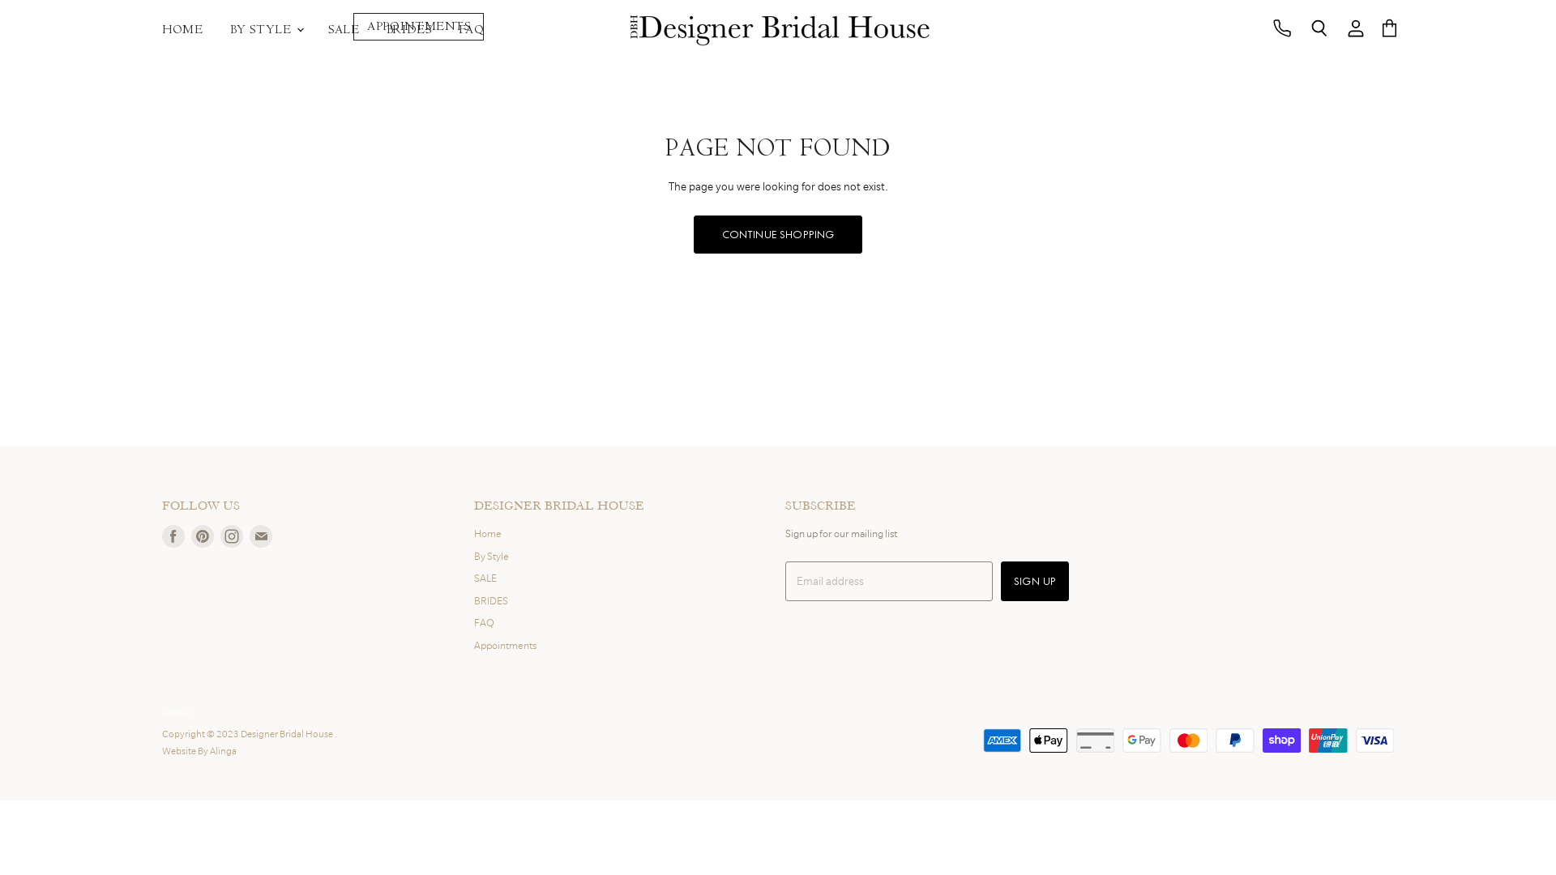 This screenshot has height=875, width=1556. What do you see at coordinates (222, 750) in the screenshot?
I see `'Alinga'` at bounding box center [222, 750].